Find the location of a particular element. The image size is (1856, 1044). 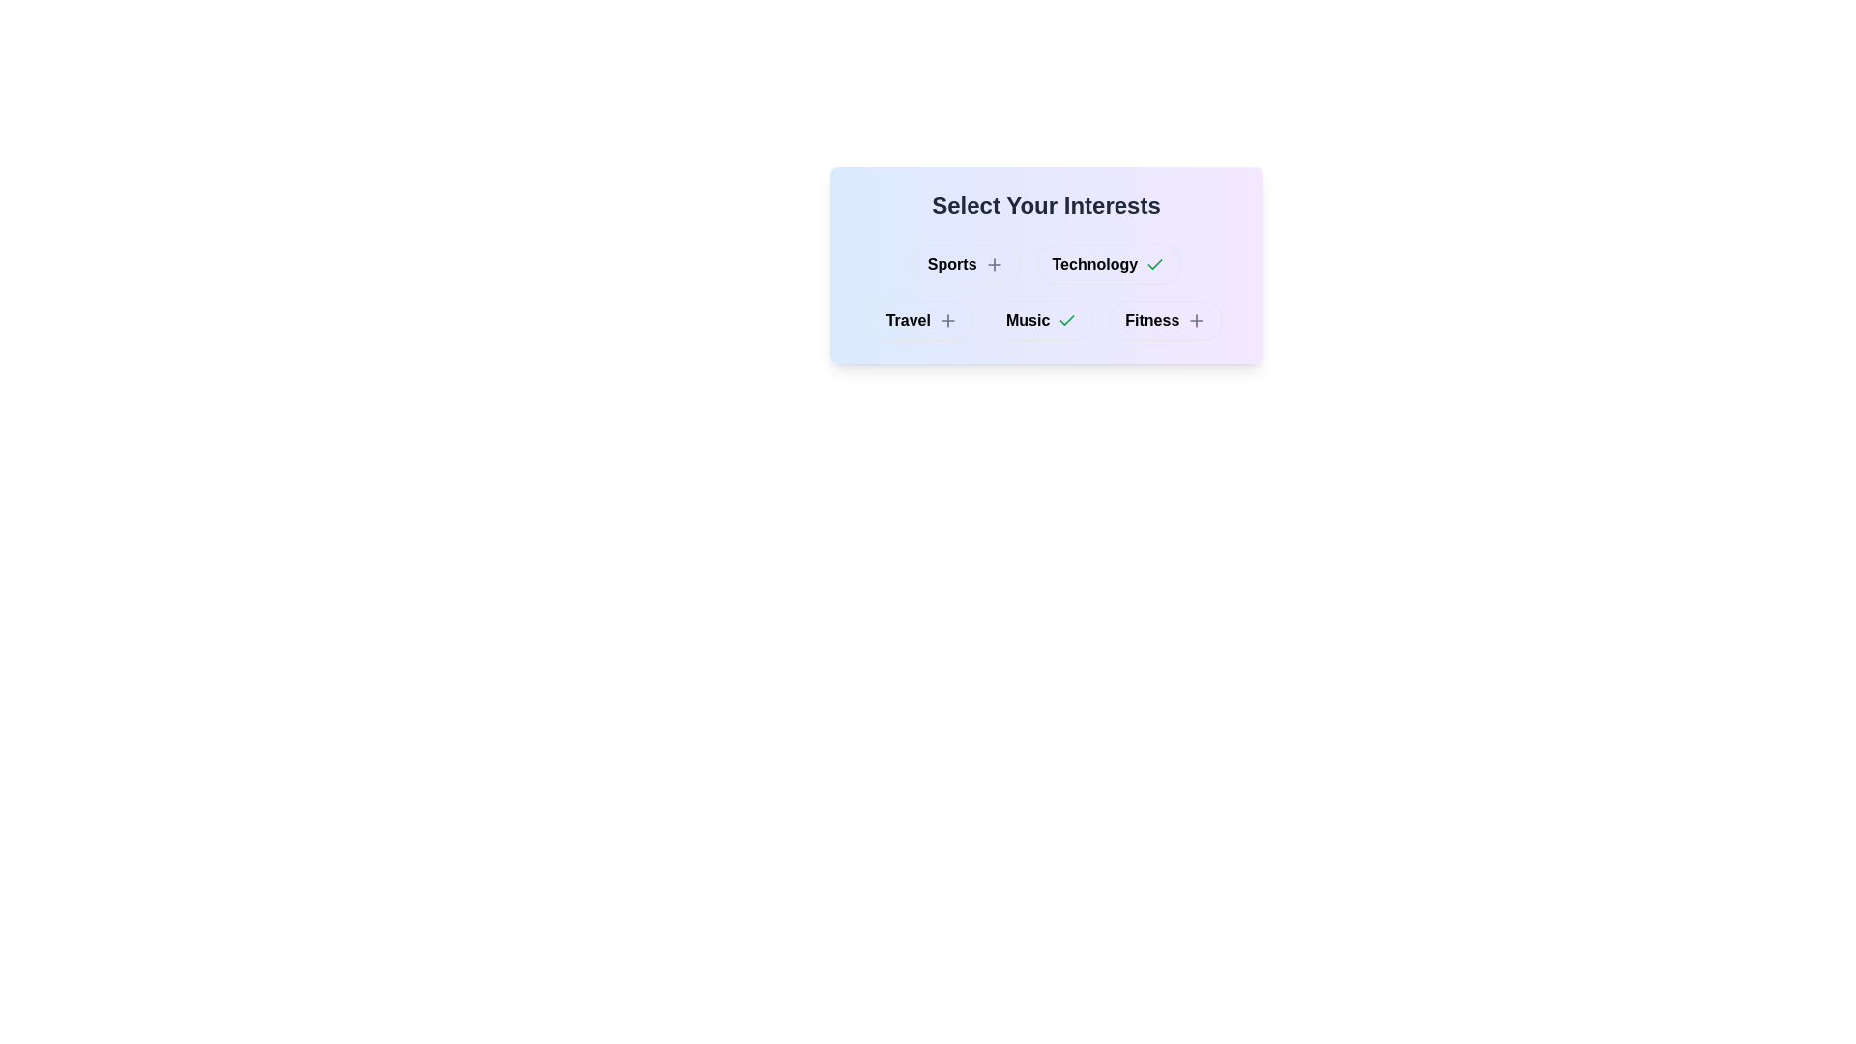

the interest category Fitness by clicking its button is located at coordinates (1164, 319).